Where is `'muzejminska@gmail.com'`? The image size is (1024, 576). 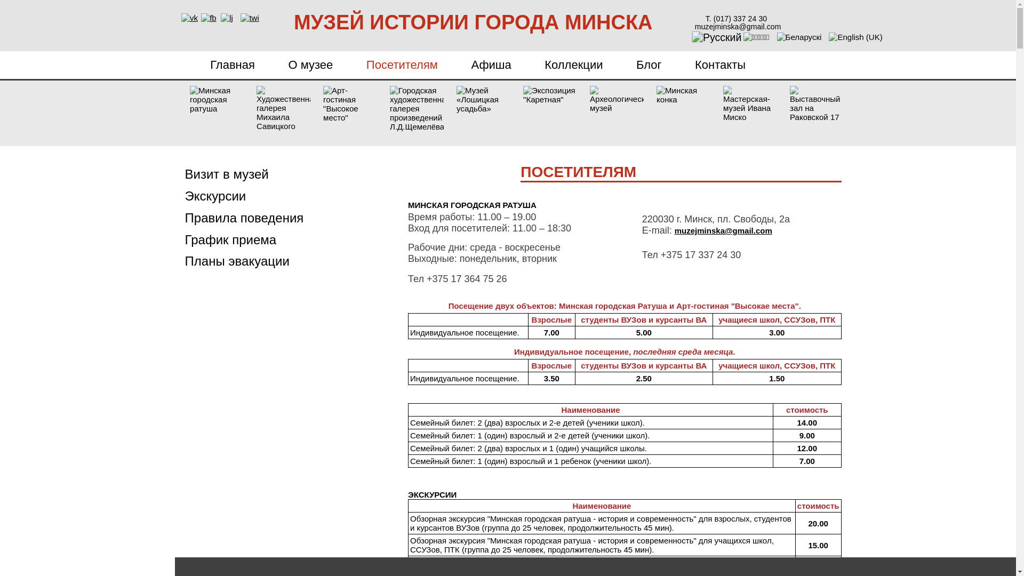 'muzejminska@gmail.com' is located at coordinates (674, 230).